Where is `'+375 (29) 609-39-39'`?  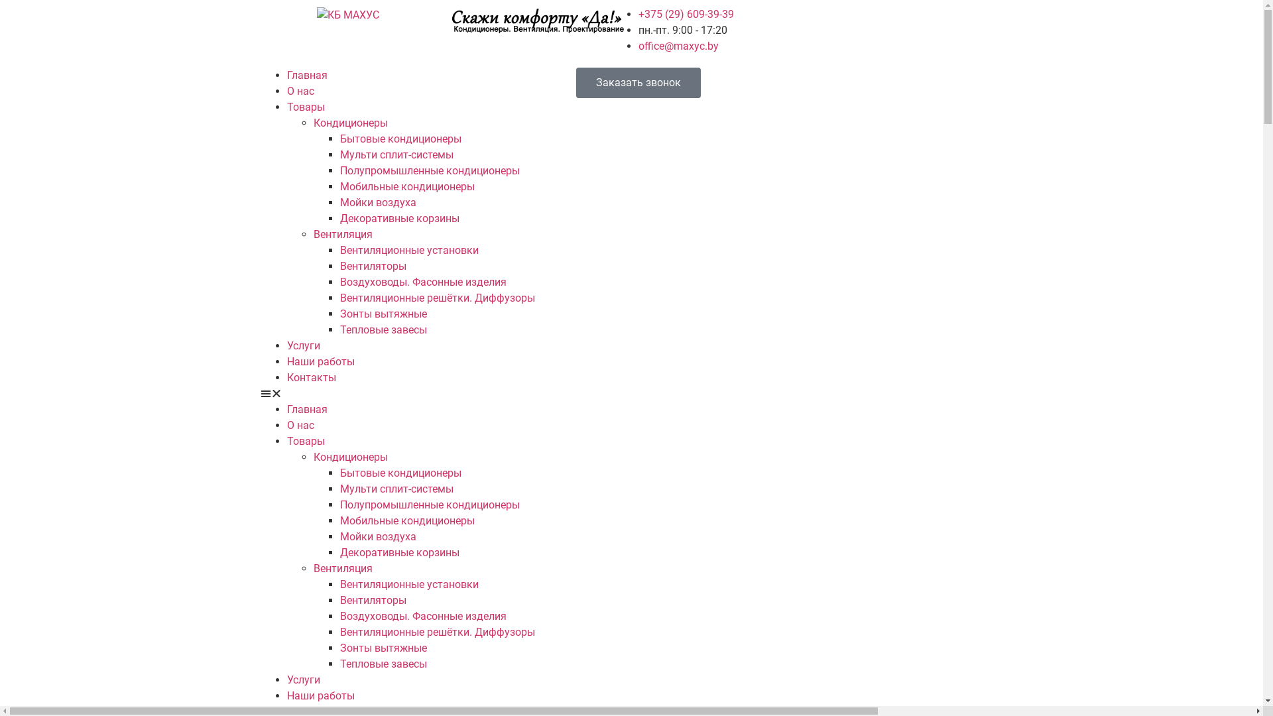 '+375 (29) 609-39-39' is located at coordinates (685, 14).